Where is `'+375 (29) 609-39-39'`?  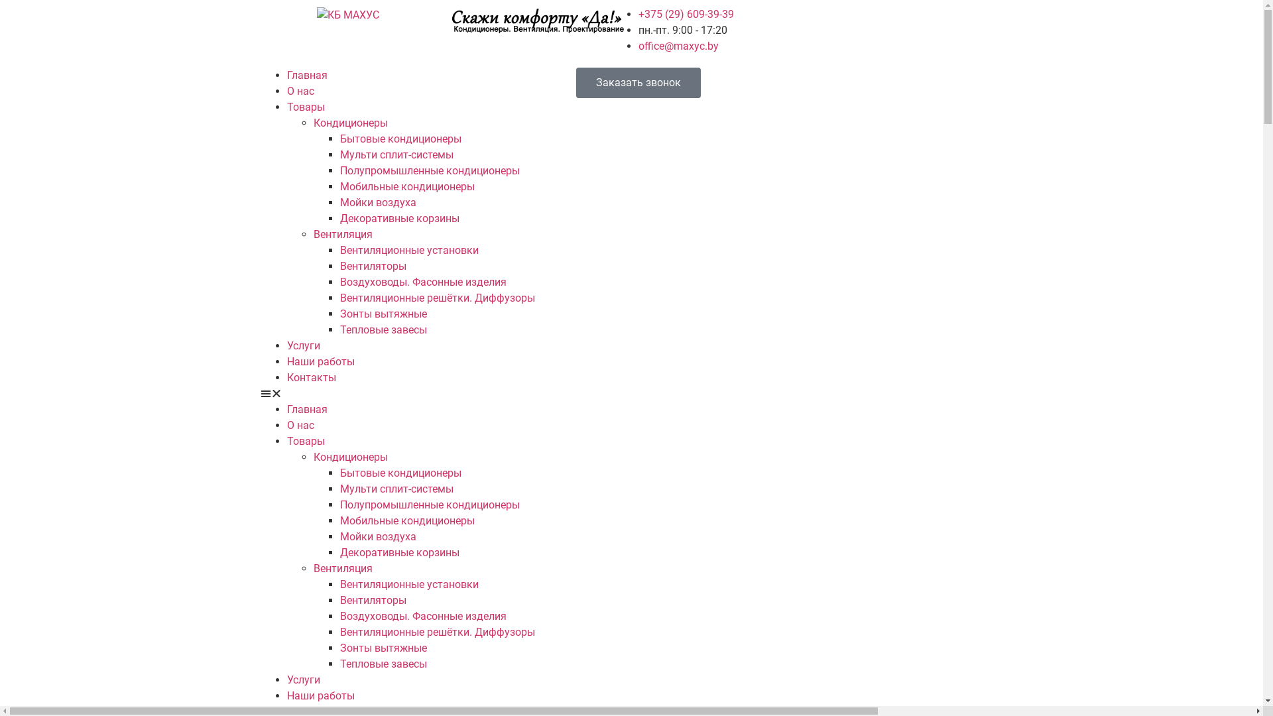 '+375 (29) 609-39-39' is located at coordinates (685, 14).